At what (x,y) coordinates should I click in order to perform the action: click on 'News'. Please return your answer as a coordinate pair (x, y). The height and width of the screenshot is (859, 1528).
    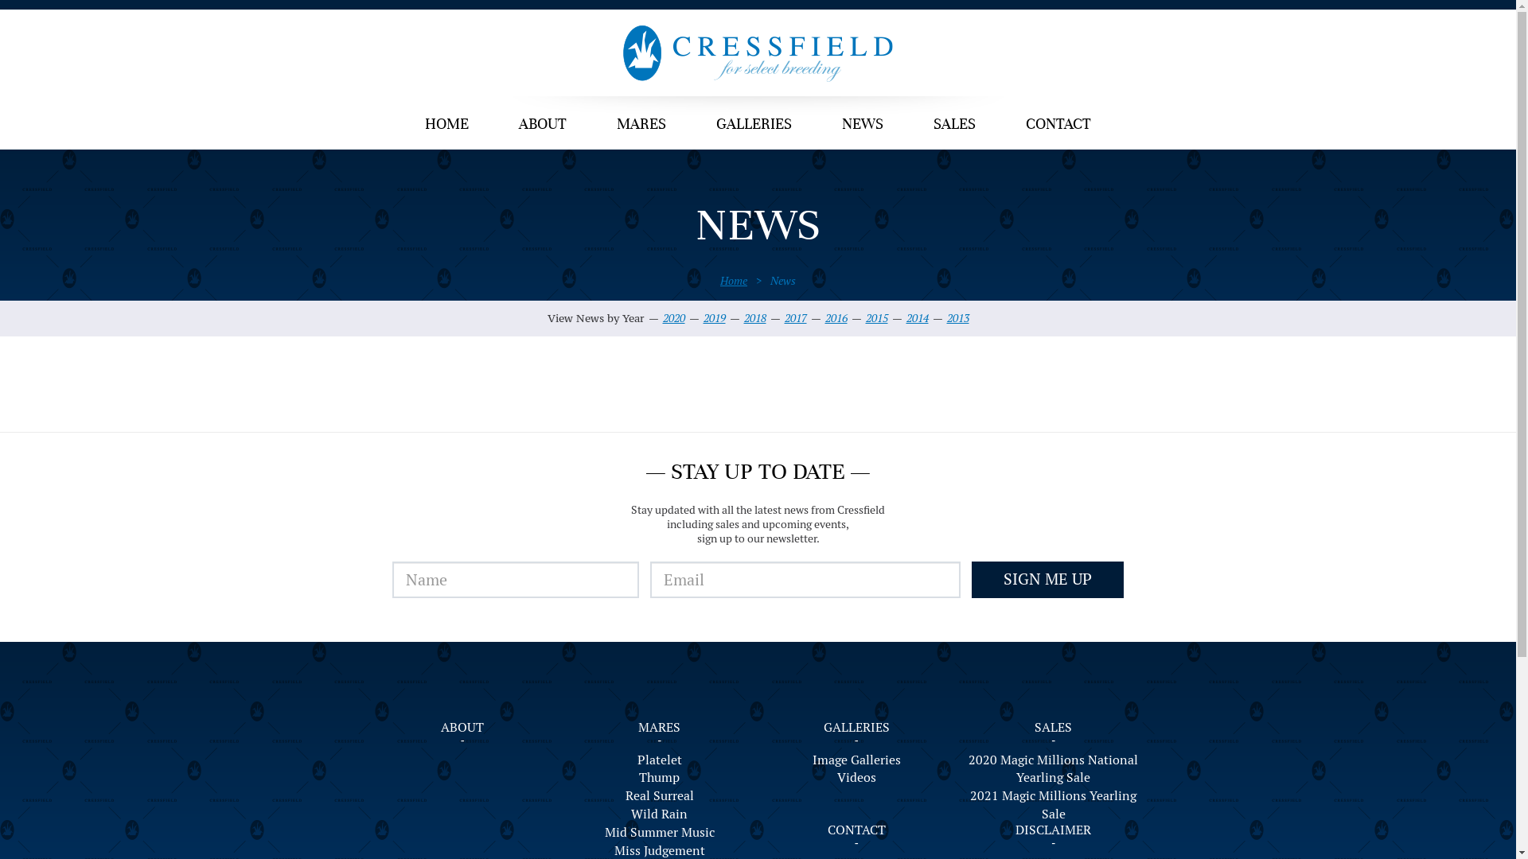
    Looking at the image, I should click on (782, 280).